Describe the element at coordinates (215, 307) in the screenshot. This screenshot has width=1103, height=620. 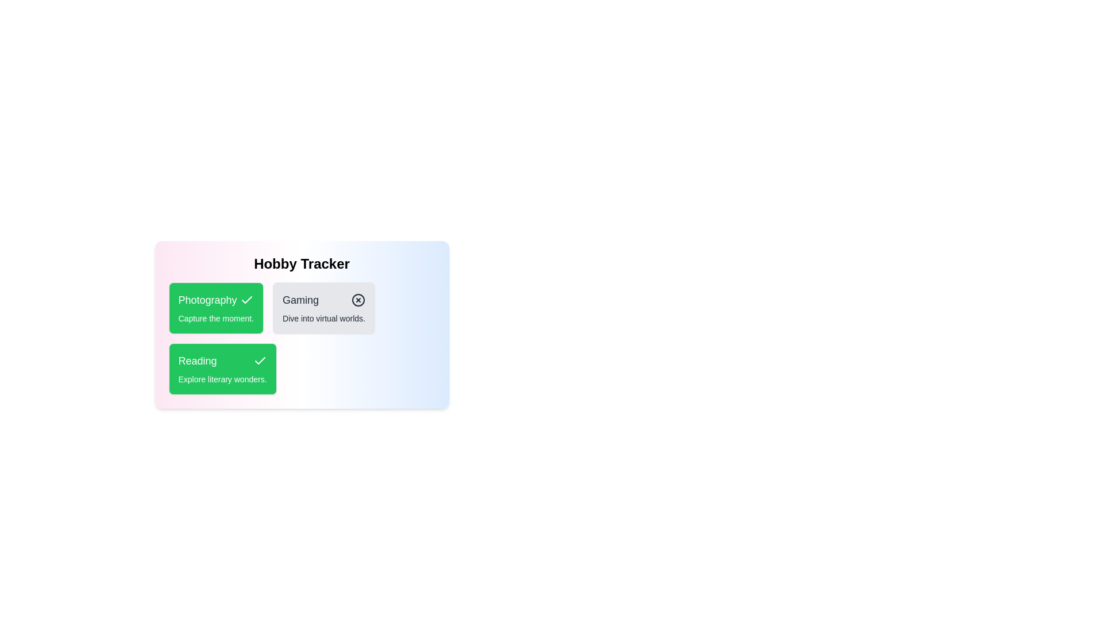
I see `the hobby card for Photography` at that location.